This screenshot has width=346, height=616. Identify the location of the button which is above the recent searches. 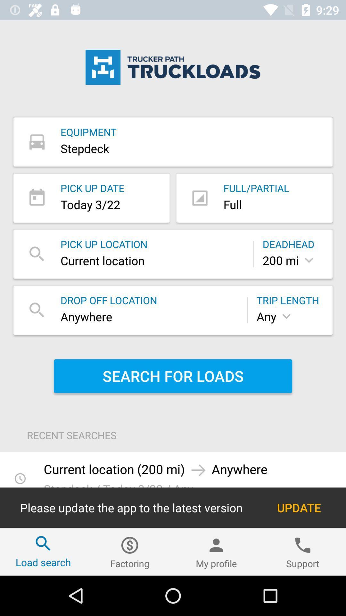
(173, 376).